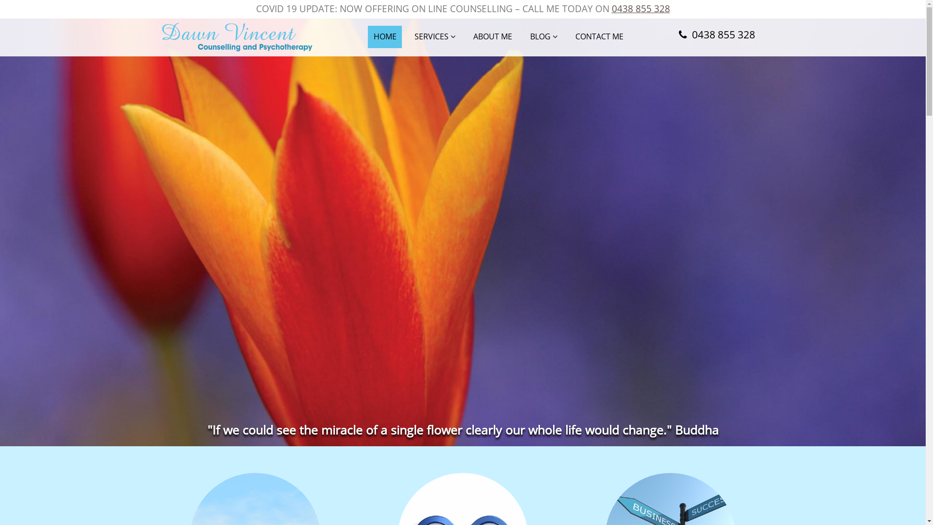 The width and height of the screenshot is (933, 525). Describe the element at coordinates (493, 36) in the screenshot. I see `'ABOUT ME'` at that location.